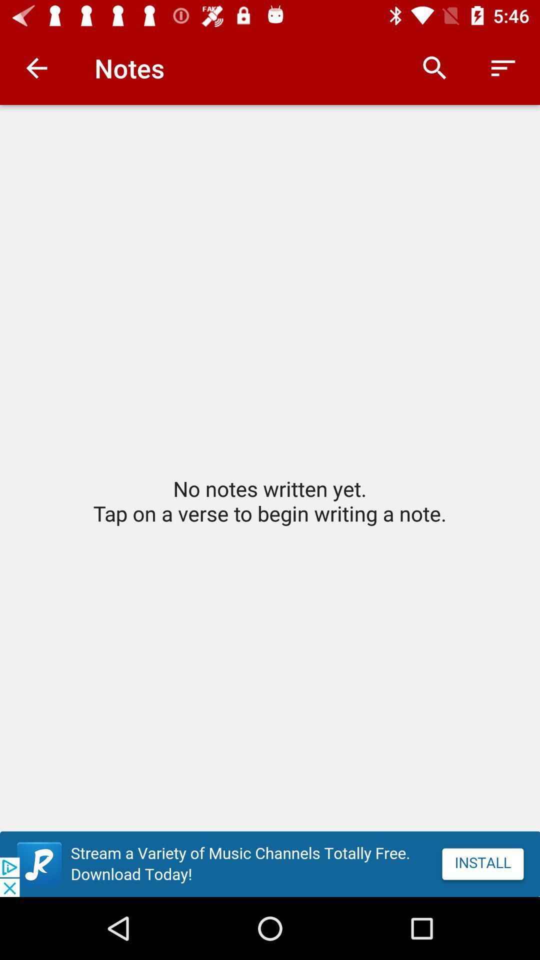  What do you see at coordinates (270, 863) in the screenshot?
I see `advatisment paga` at bounding box center [270, 863].